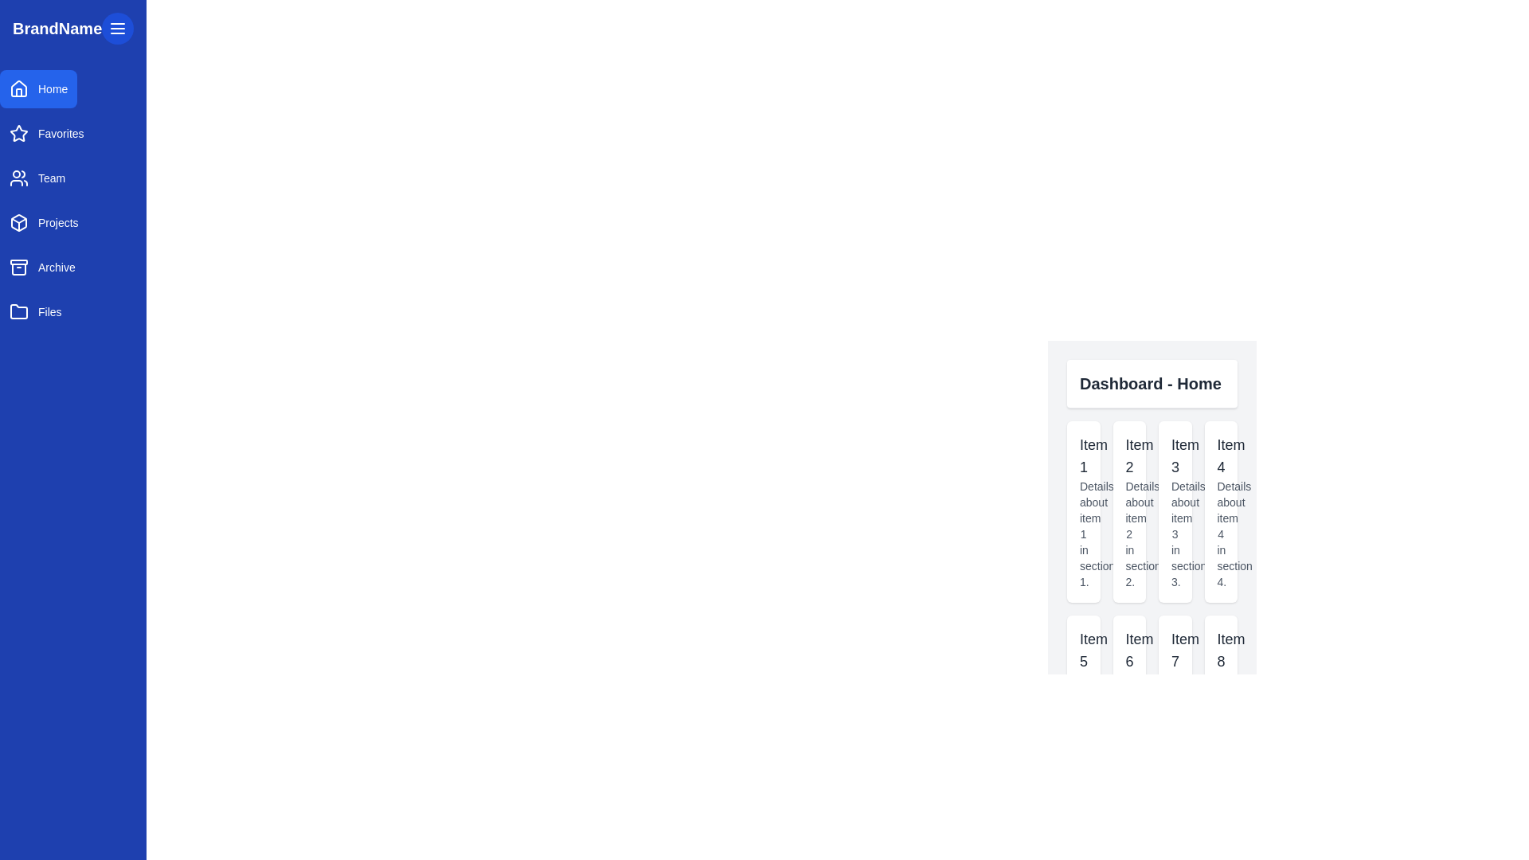 The image size is (1529, 860). I want to click on the 'Favorites' Text Label in the vertical side navigation bar, so click(61, 133).